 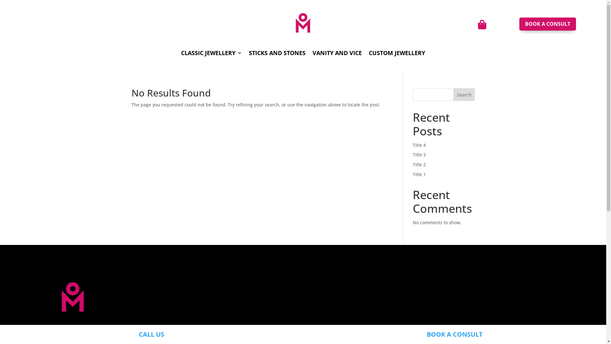 I want to click on 'Search', so click(x=464, y=95).